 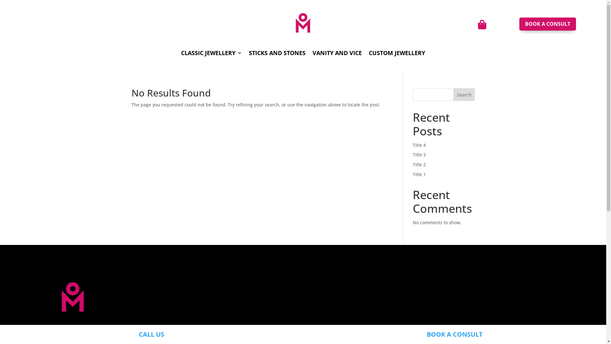 I want to click on 'Search', so click(x=464, y=95).